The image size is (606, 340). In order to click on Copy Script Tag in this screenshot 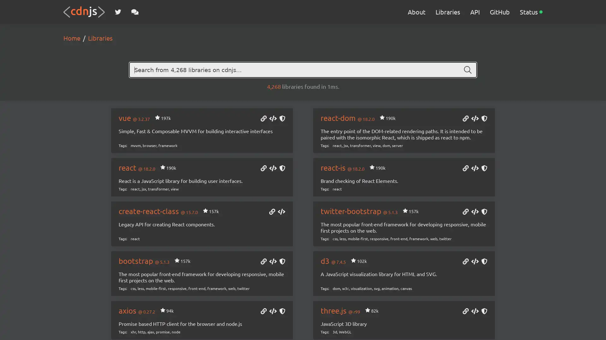, I will do `click(474, 312)`.